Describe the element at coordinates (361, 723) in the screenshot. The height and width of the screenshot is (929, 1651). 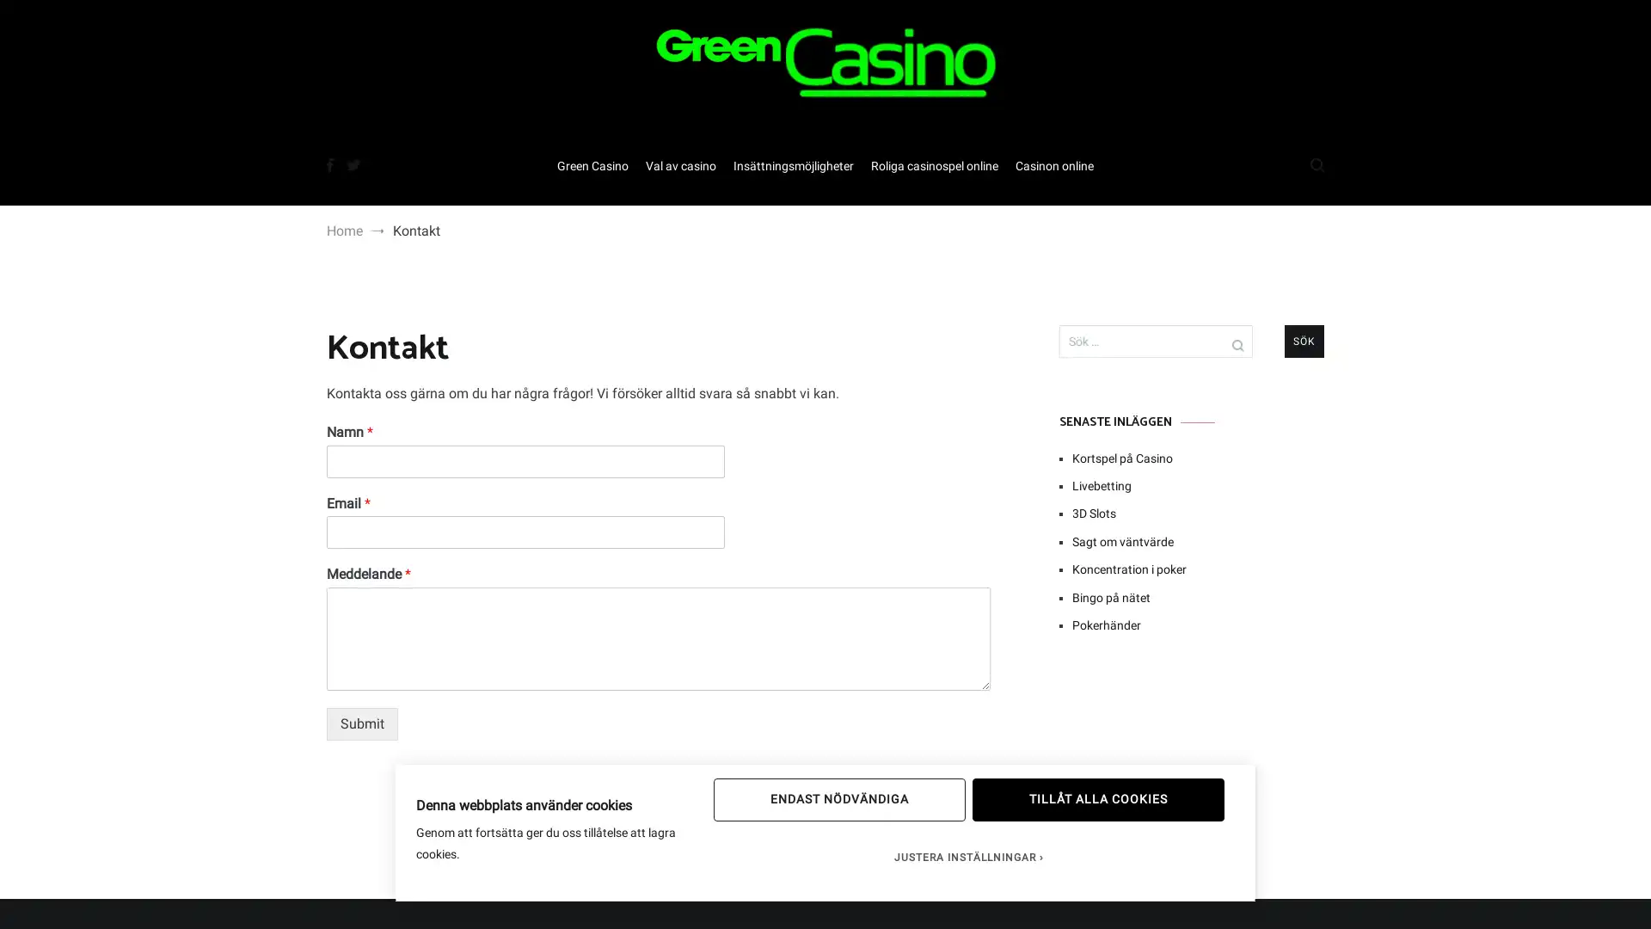
I see `Submit` at that location.